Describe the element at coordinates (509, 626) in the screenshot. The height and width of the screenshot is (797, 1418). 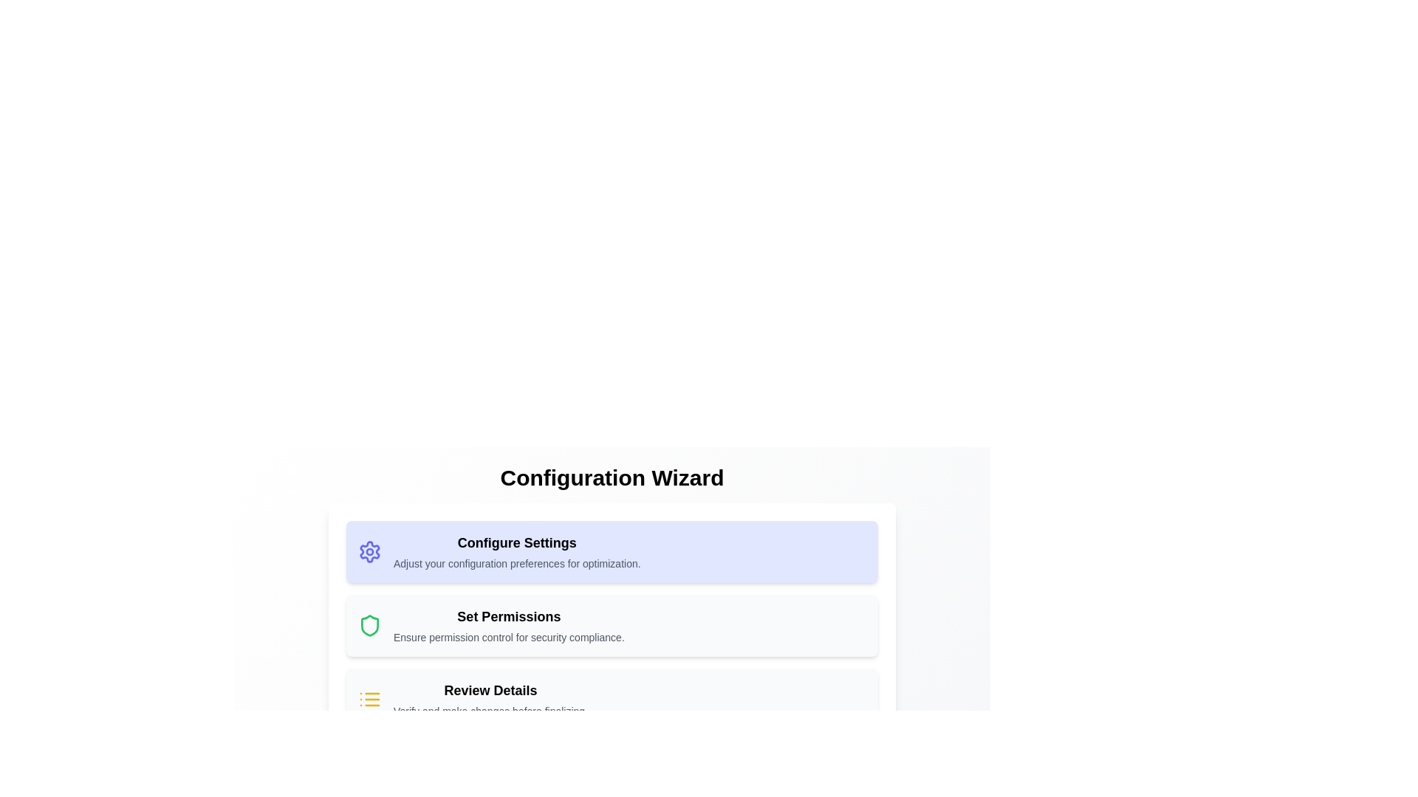
I see `the central Text Label that provides descriptive information about the corresponding action or section it represents` at that location.